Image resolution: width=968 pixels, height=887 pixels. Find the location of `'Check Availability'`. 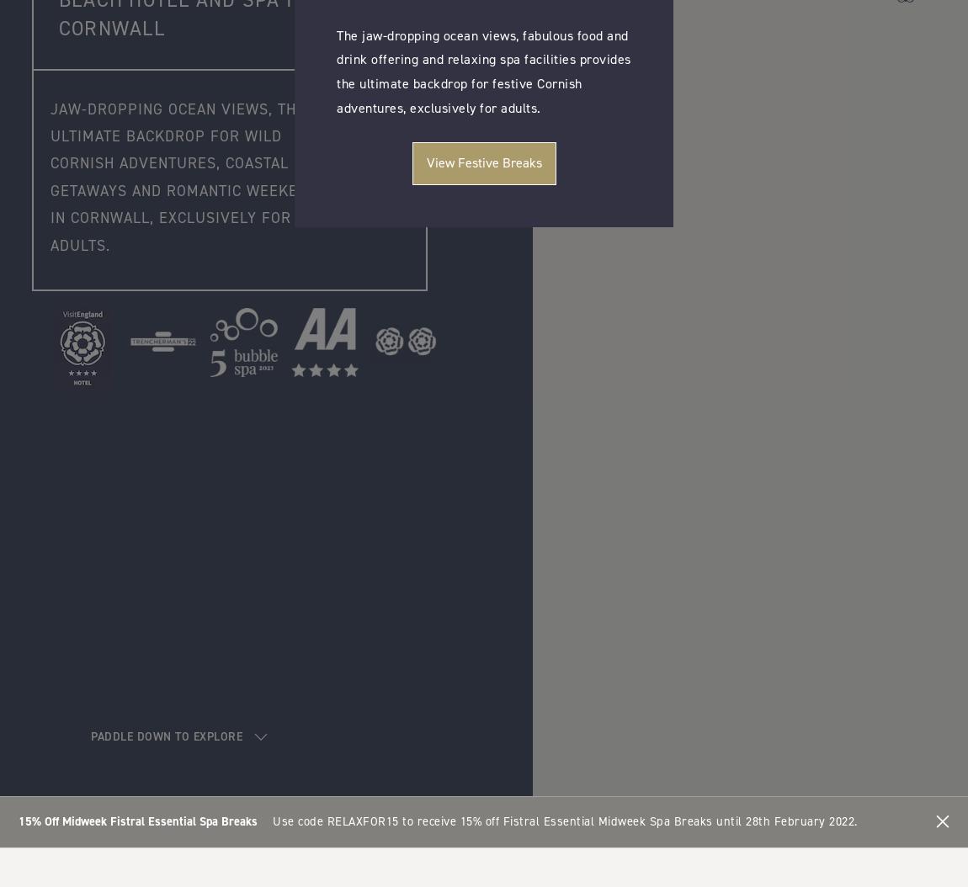

'Check Availability' is located at coordinates (483, 359).